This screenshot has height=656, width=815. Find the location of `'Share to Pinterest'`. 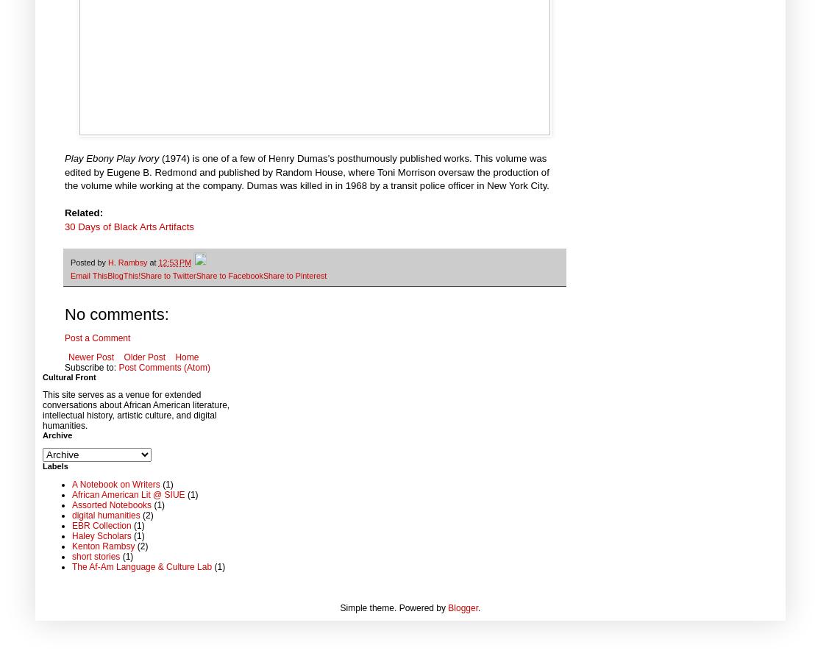

'Share to Pinterest' is located at coordinates (294, 274).